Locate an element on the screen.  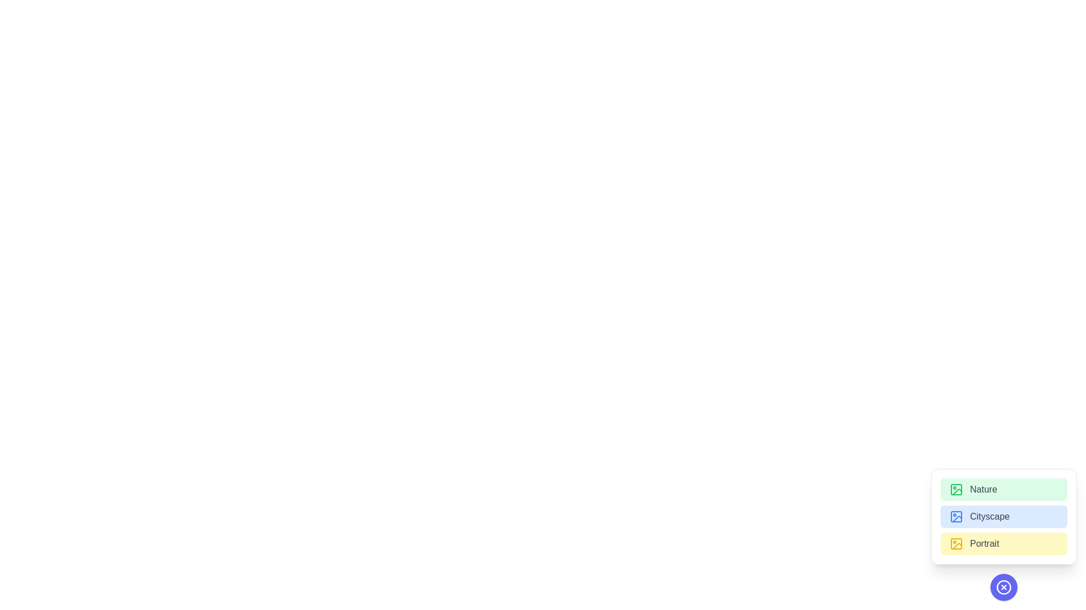
toggle button to open or close the menu is located at coordinates (1004, 587).